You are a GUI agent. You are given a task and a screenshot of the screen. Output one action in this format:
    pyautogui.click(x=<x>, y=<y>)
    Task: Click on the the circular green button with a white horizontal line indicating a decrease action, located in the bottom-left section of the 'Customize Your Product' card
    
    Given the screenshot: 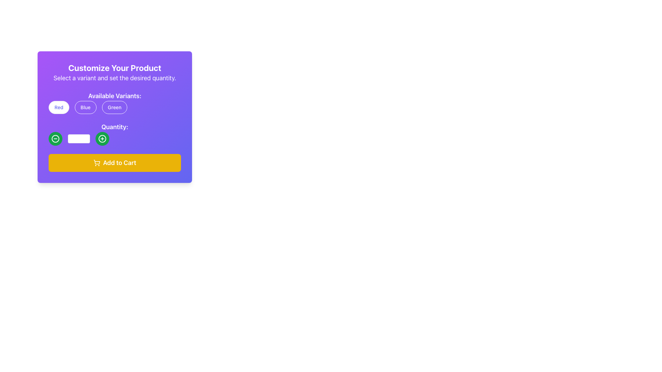 What is the action you would take?
    pyautogui.click(x=56, y=138)
    